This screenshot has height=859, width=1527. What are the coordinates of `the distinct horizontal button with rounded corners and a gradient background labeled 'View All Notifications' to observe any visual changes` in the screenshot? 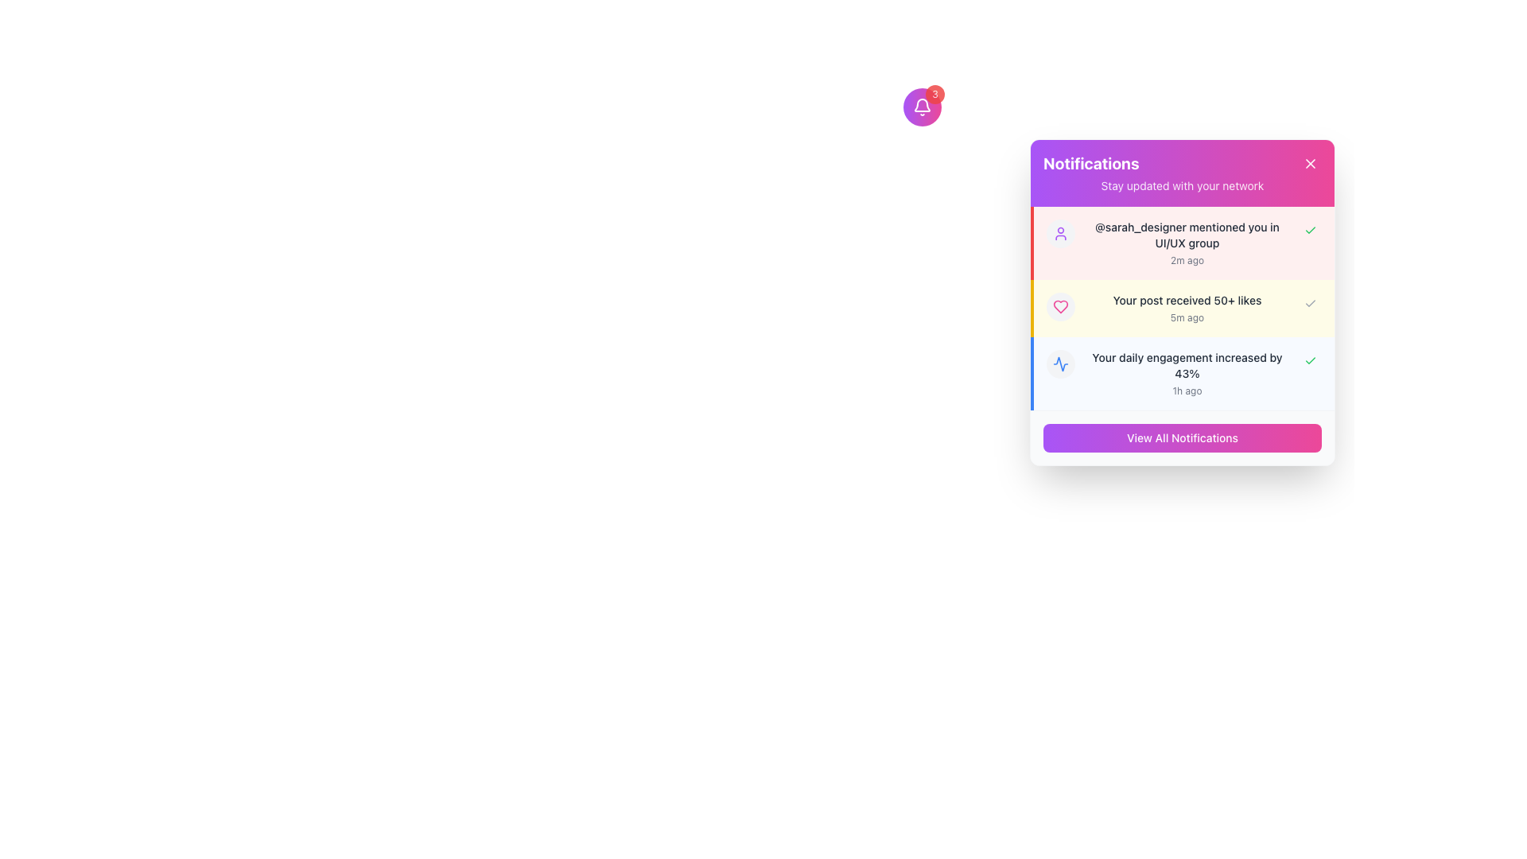 It's located at (1183, 437).